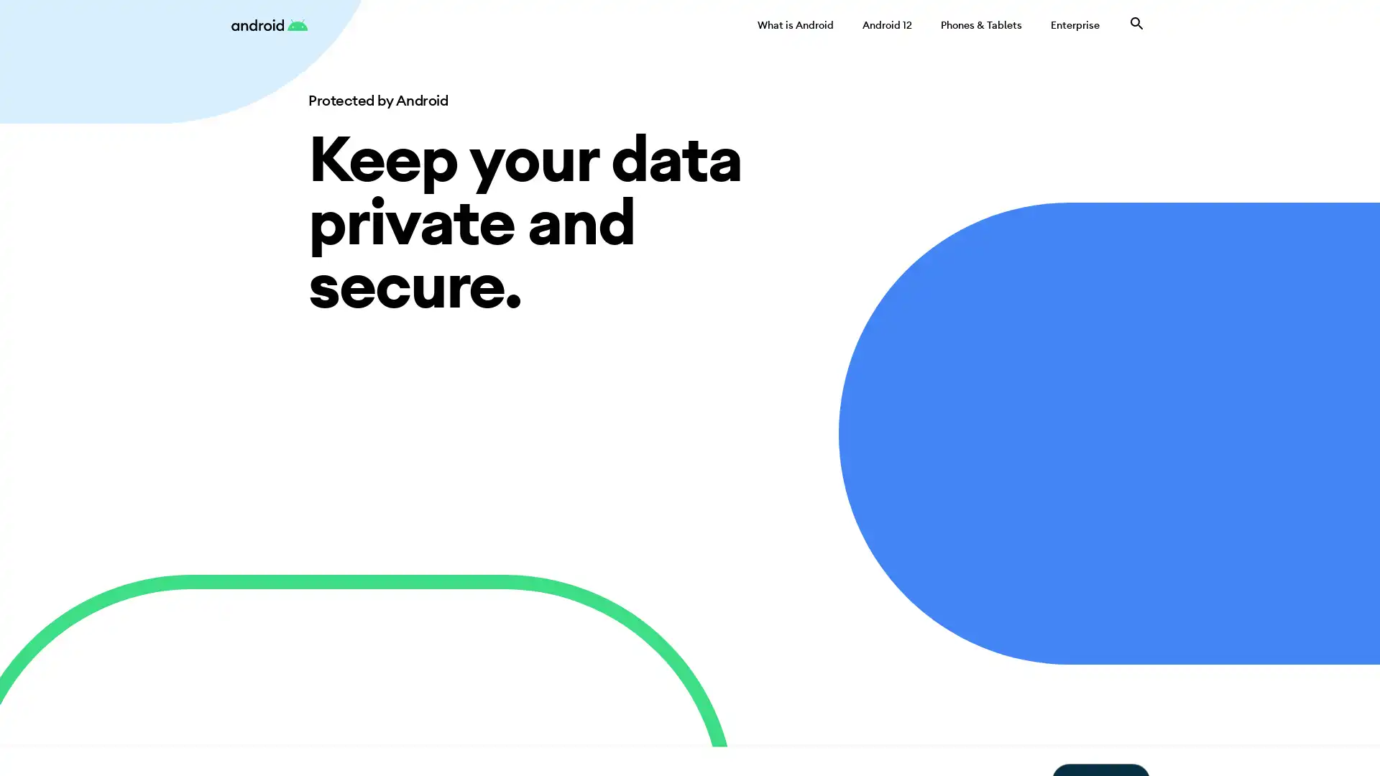 The width and height of the screenshot is (1380, 776). What do you see at coordinates (1136, 24) in the screenshot?
I see `Search` at bounding box center [1136, 24].